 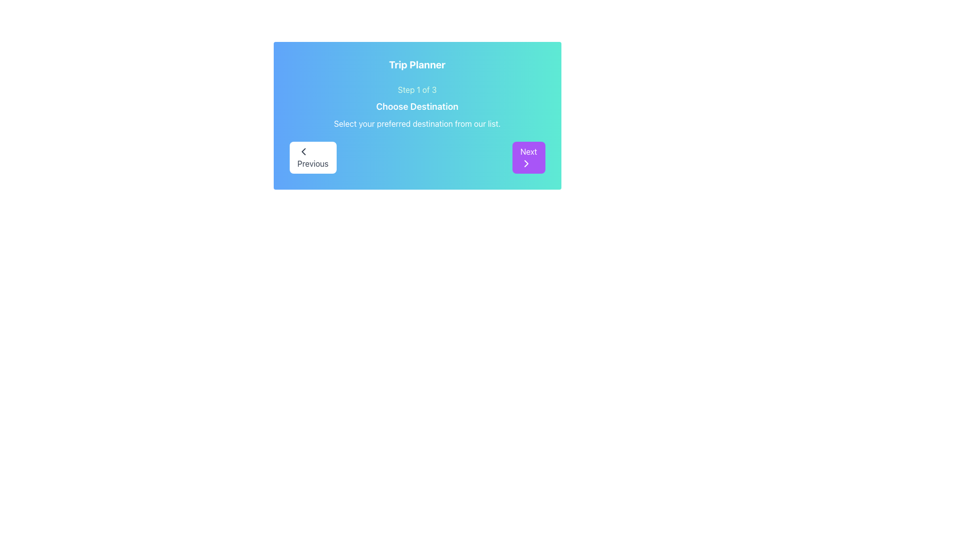 What do you see at coordinates (417, 106) in the screenshot?
I see `the header label indicating the current step in the multi-step process for choosing a destination, which is positioned below 'Step 1 of 3' and above 'Select your preferred destination from our list.'` at bounding box center [417, 106].